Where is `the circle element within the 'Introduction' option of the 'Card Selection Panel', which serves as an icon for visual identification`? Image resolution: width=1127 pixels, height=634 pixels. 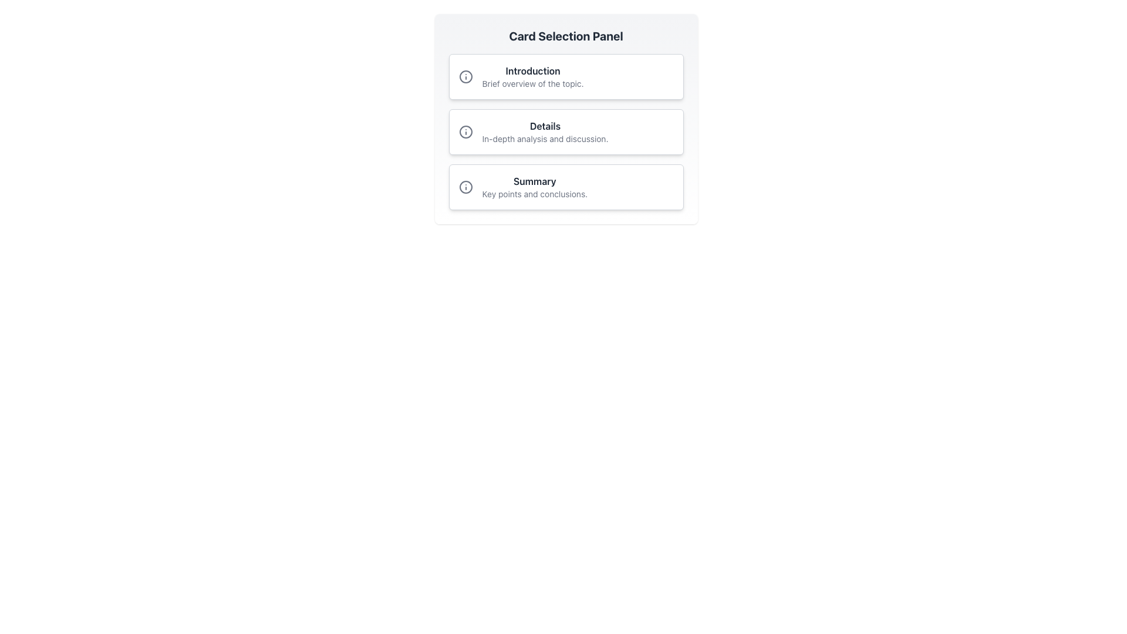
the circle element within the 'Introduction' option of the 'Card Selection Panel', which serves as an icon for visual identification is located at coordinates (465, 77).